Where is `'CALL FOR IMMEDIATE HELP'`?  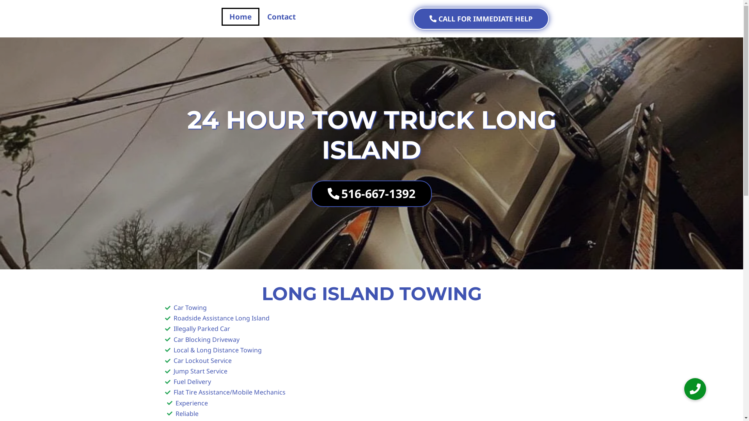 'CALL FOR IMMEDIATE HELP' is located at coordinates (480, 18).